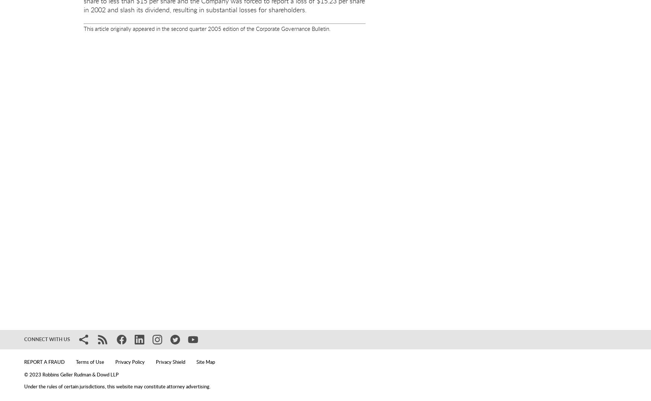 The height and width of the screenshot is (401, 651). Describe the element at coordinates (328, 323) in the screenshot. I see `'prior to submitting such data.'` at that location.